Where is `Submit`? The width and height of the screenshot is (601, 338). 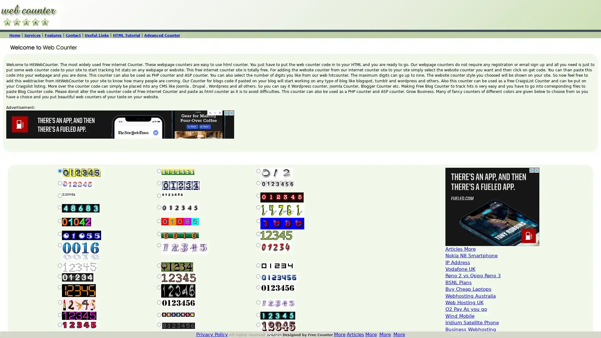 Submit is located at coordinates (76, 221).